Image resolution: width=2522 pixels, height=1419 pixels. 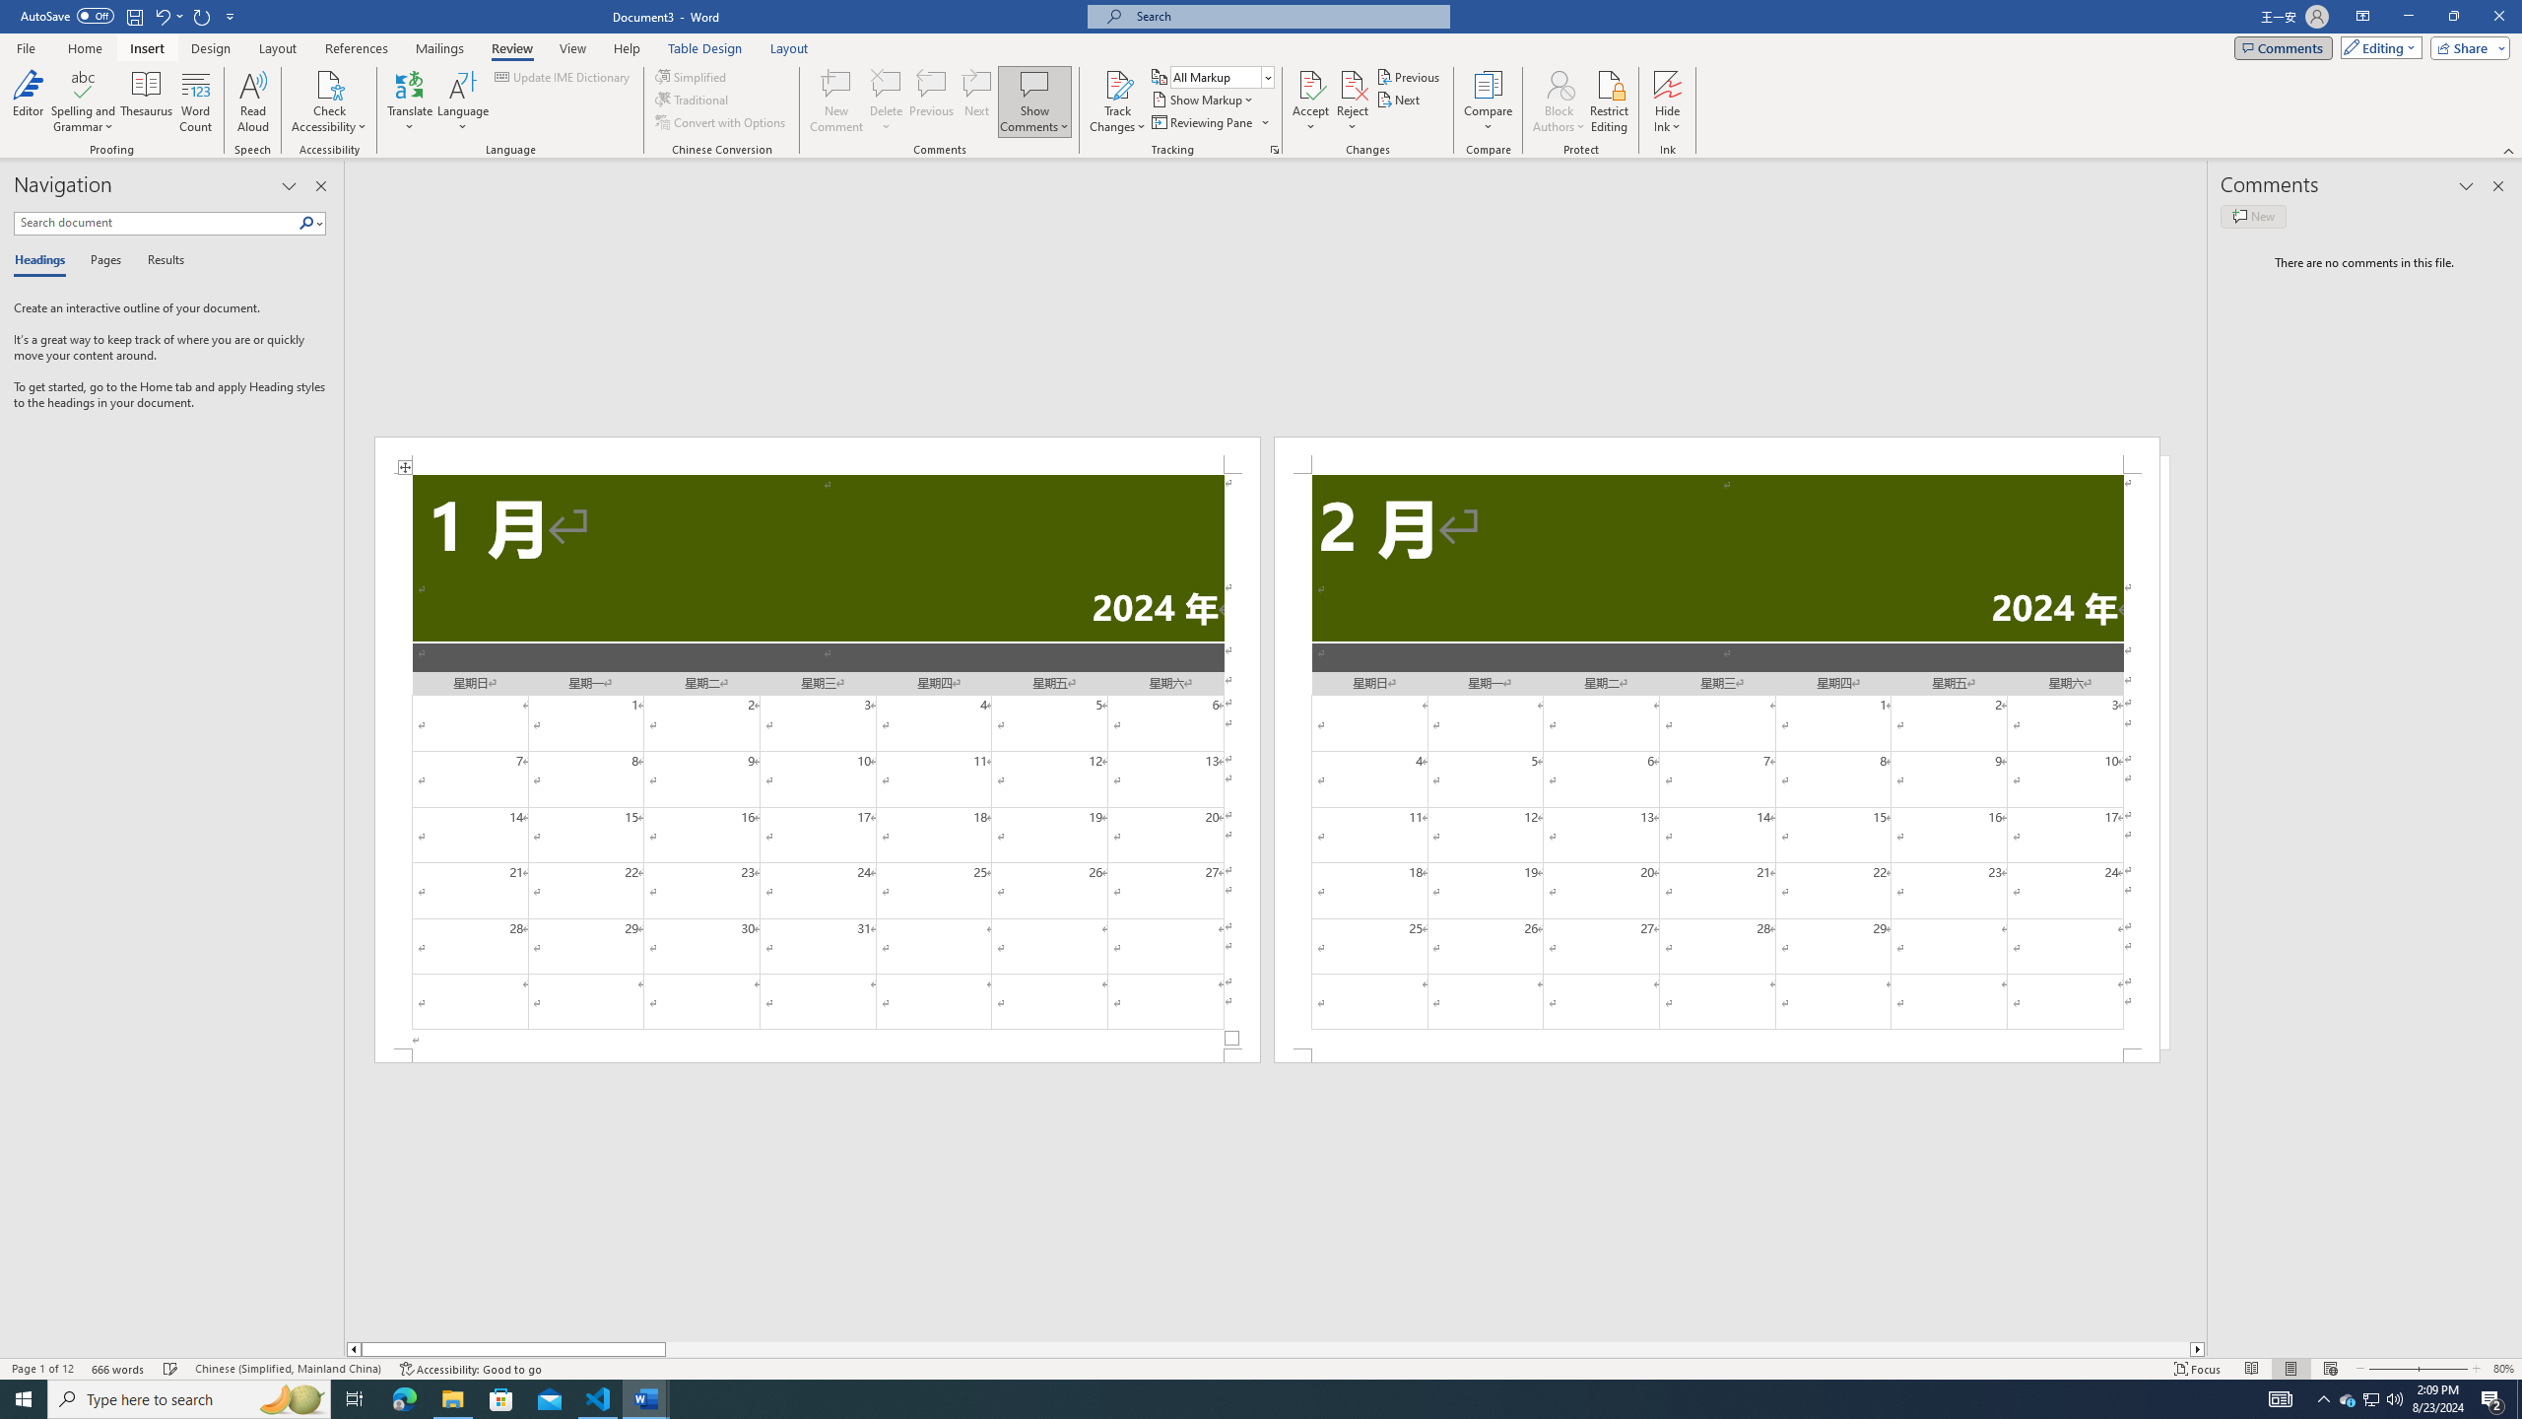 I want to click on 'Spelling and Grammar', so click(x=84, y=101).